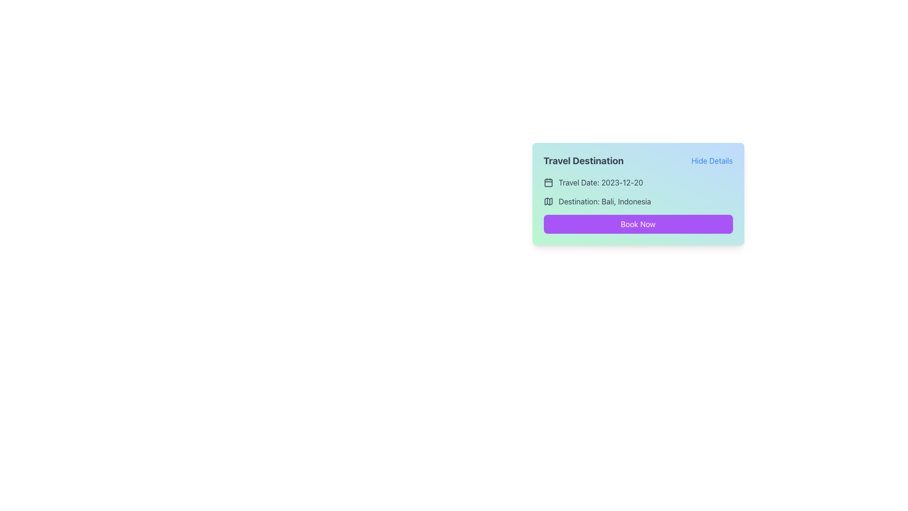  Describe the element at coordinates (548, 201) in the screenshot. I see `the map icon located in the second row of the details section, which is to the left of the 'Destination: Bali, Indonesia' text` at that location.